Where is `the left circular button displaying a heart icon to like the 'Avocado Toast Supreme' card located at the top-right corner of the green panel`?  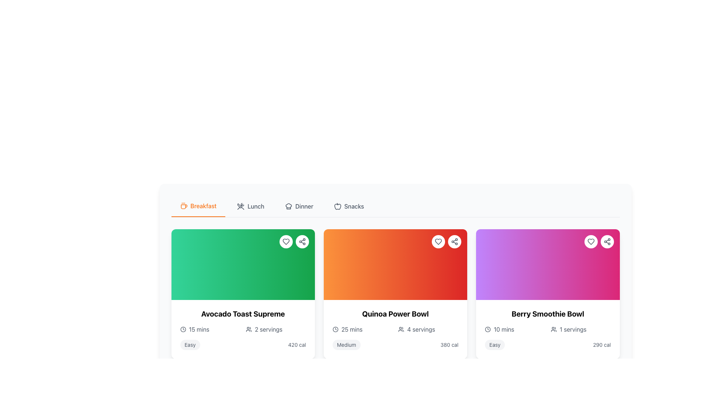
the left circular button displaying a heart icon to like the 'Avocado Toast Supreme' card located at the top-right corner of the green panel is located at coordinates (294, 241).